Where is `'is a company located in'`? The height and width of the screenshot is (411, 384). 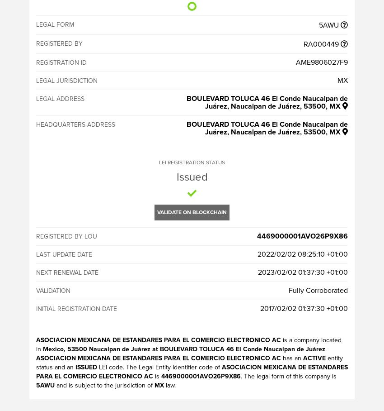 'is a company located in' is located at coordinates (189, 344).